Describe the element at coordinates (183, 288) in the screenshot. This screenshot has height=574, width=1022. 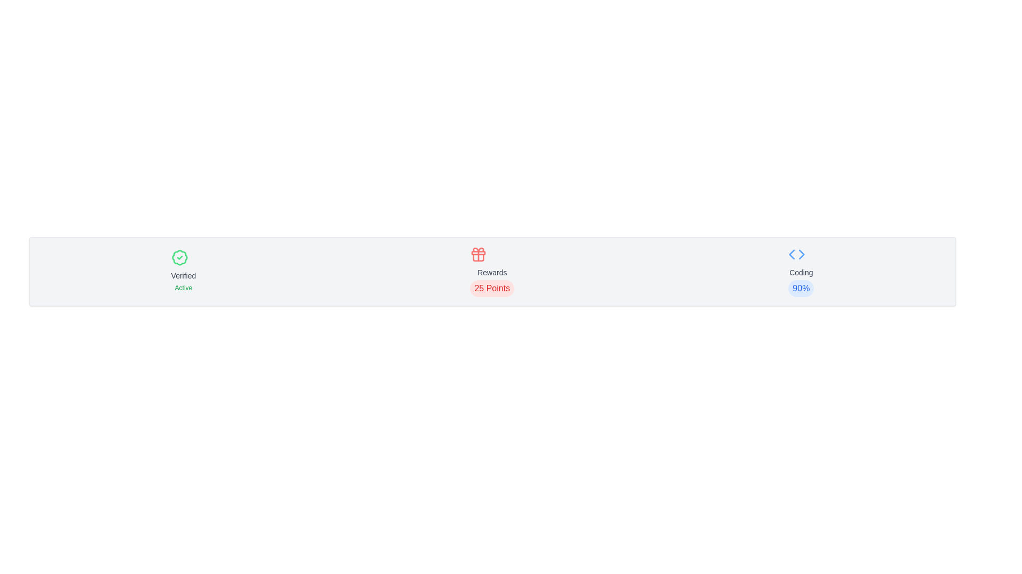
I see `status information from the 'Active' status indicator text label located below the 'Verified' label and badge icon in the left column of the layout` at that location.